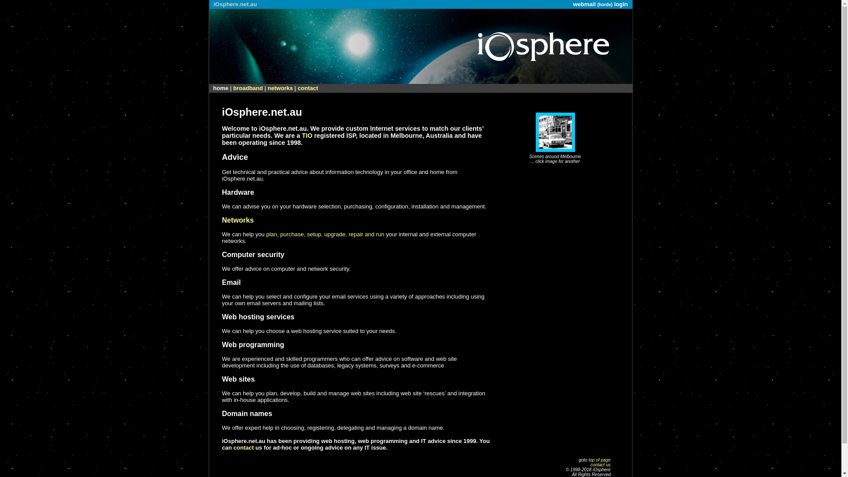 The width and height of the screenshot is (848, 477). Describe the element at coordinates (600, 464) in the screenshot. I see `'contact us'` at that location.